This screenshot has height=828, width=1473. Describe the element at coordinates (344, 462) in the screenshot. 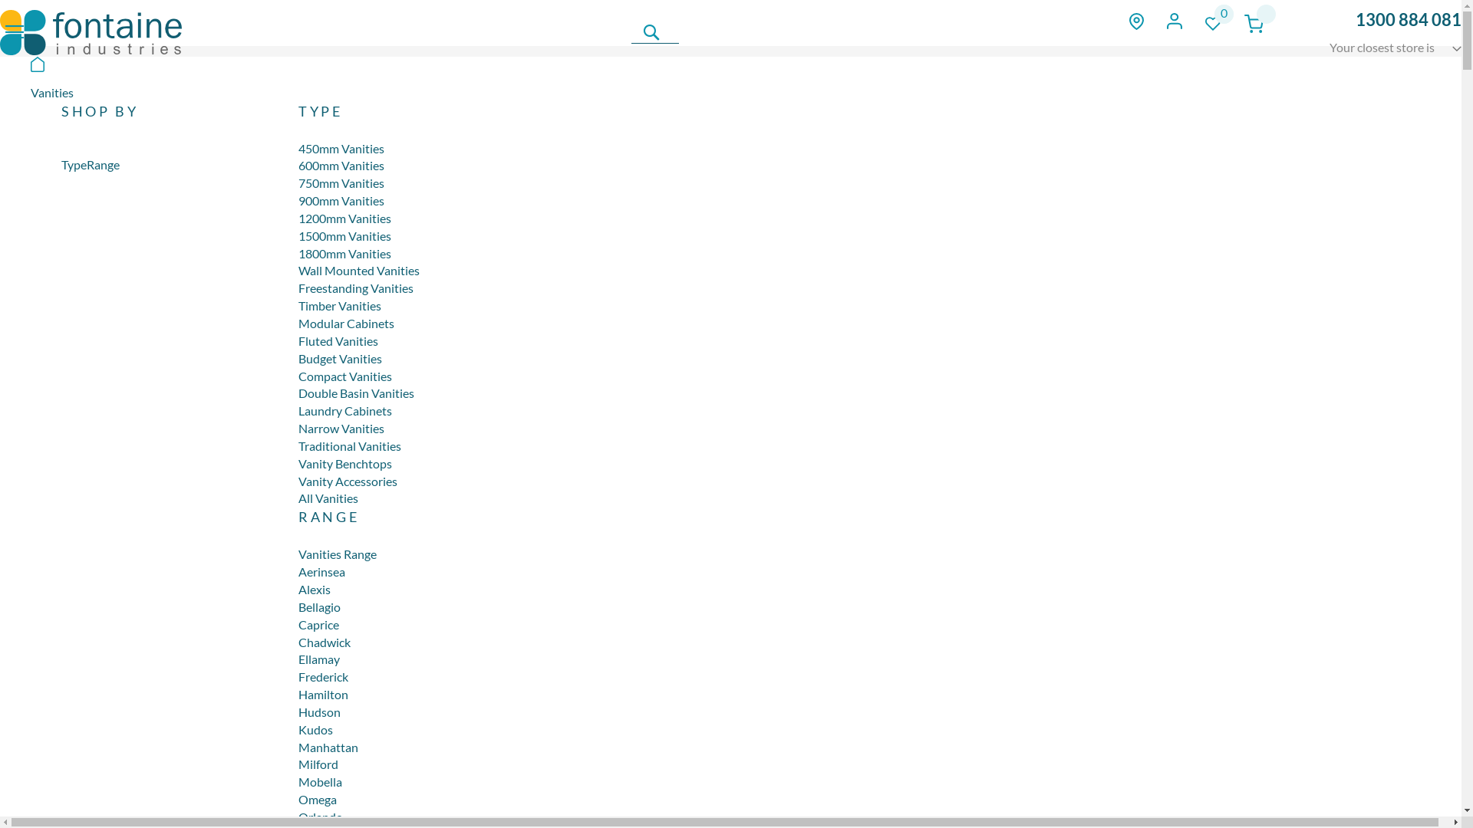

I see `'Vanity Benchtops'` at that location.